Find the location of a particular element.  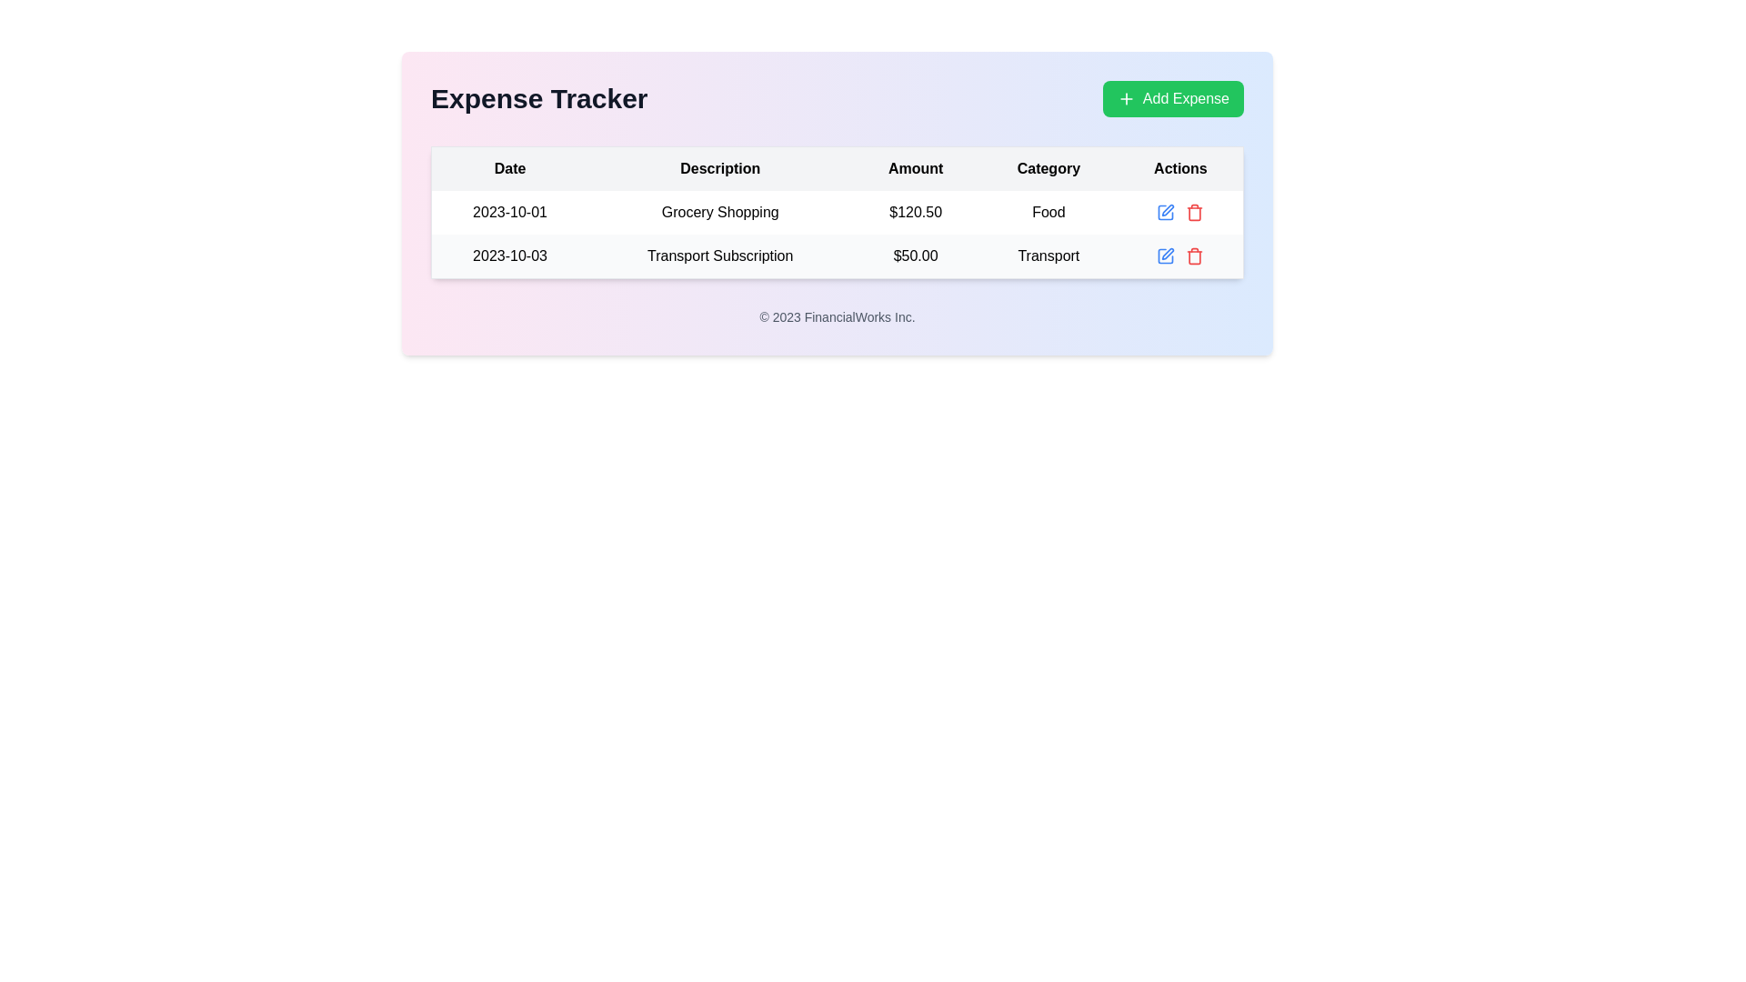

the 'Amount' text label in the table header, which is the third entry from the left, indicating monetary amounts is located at coordinates (916, 168).